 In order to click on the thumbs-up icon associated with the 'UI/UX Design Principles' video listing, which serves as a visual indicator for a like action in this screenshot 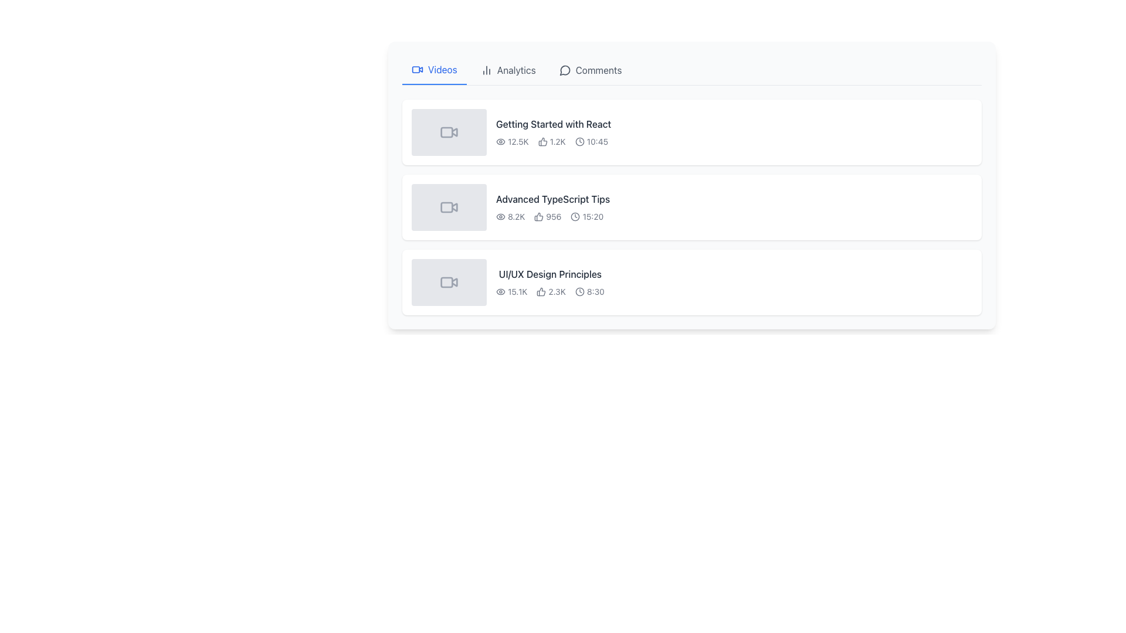, I will do `click(541, 291)`.